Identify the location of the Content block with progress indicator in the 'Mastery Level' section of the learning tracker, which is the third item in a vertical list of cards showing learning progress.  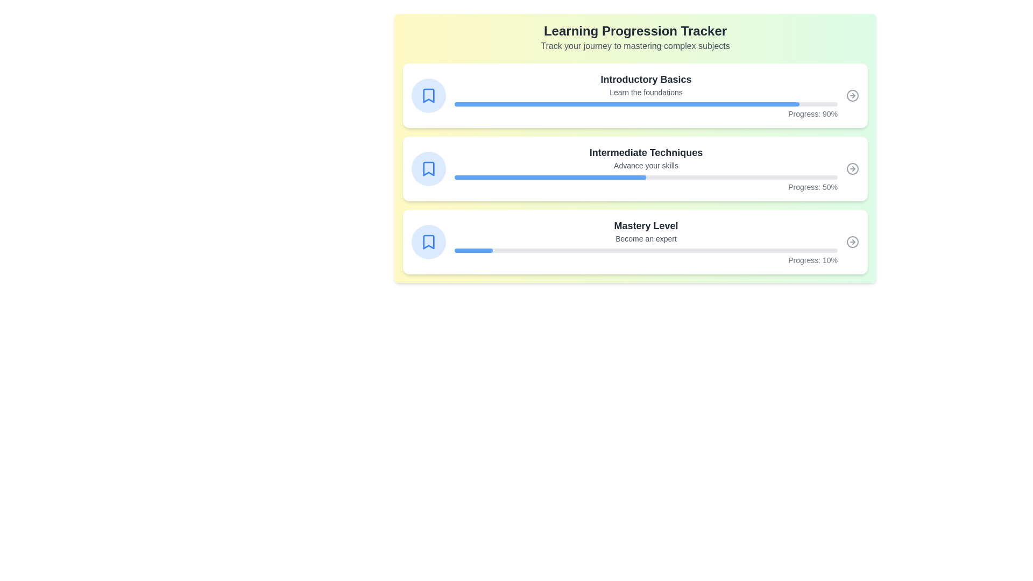
(646, 242).